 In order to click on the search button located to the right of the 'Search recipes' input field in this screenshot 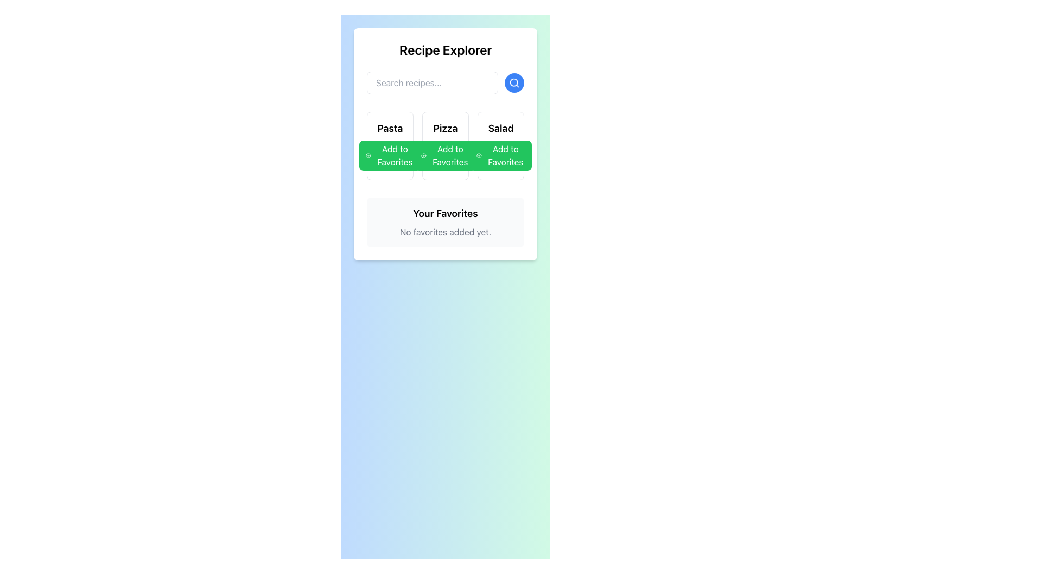, I will do `click(514, 82)`.